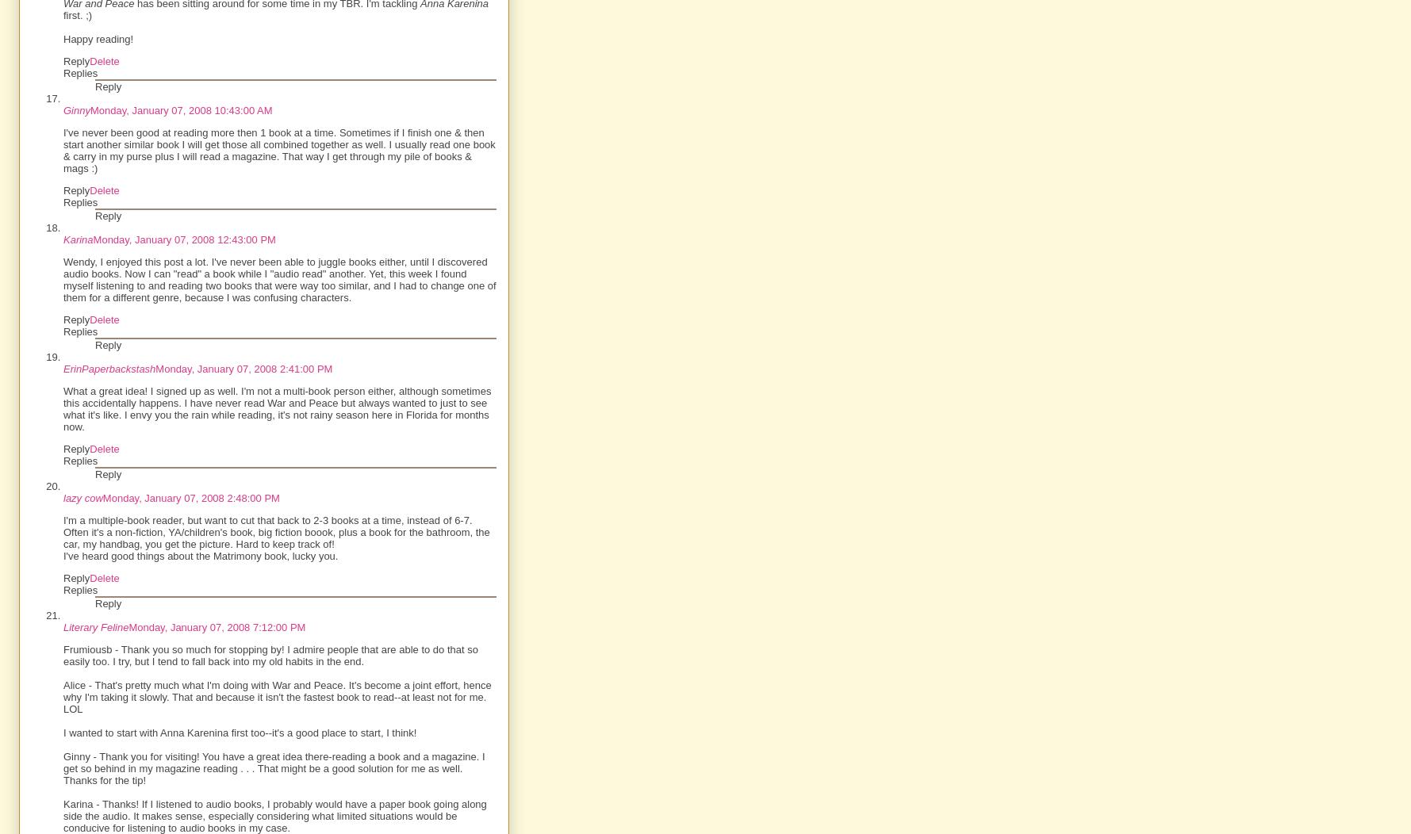 Image resolution: width=1411 pixels, height=834 pixels. I want to click on 'Frumiousb - Thank you so much for stopping by!  I admire people that are able to do that so easily too.  I try, but I tend to fall back into my old habits in the end.', so click(270, 655).